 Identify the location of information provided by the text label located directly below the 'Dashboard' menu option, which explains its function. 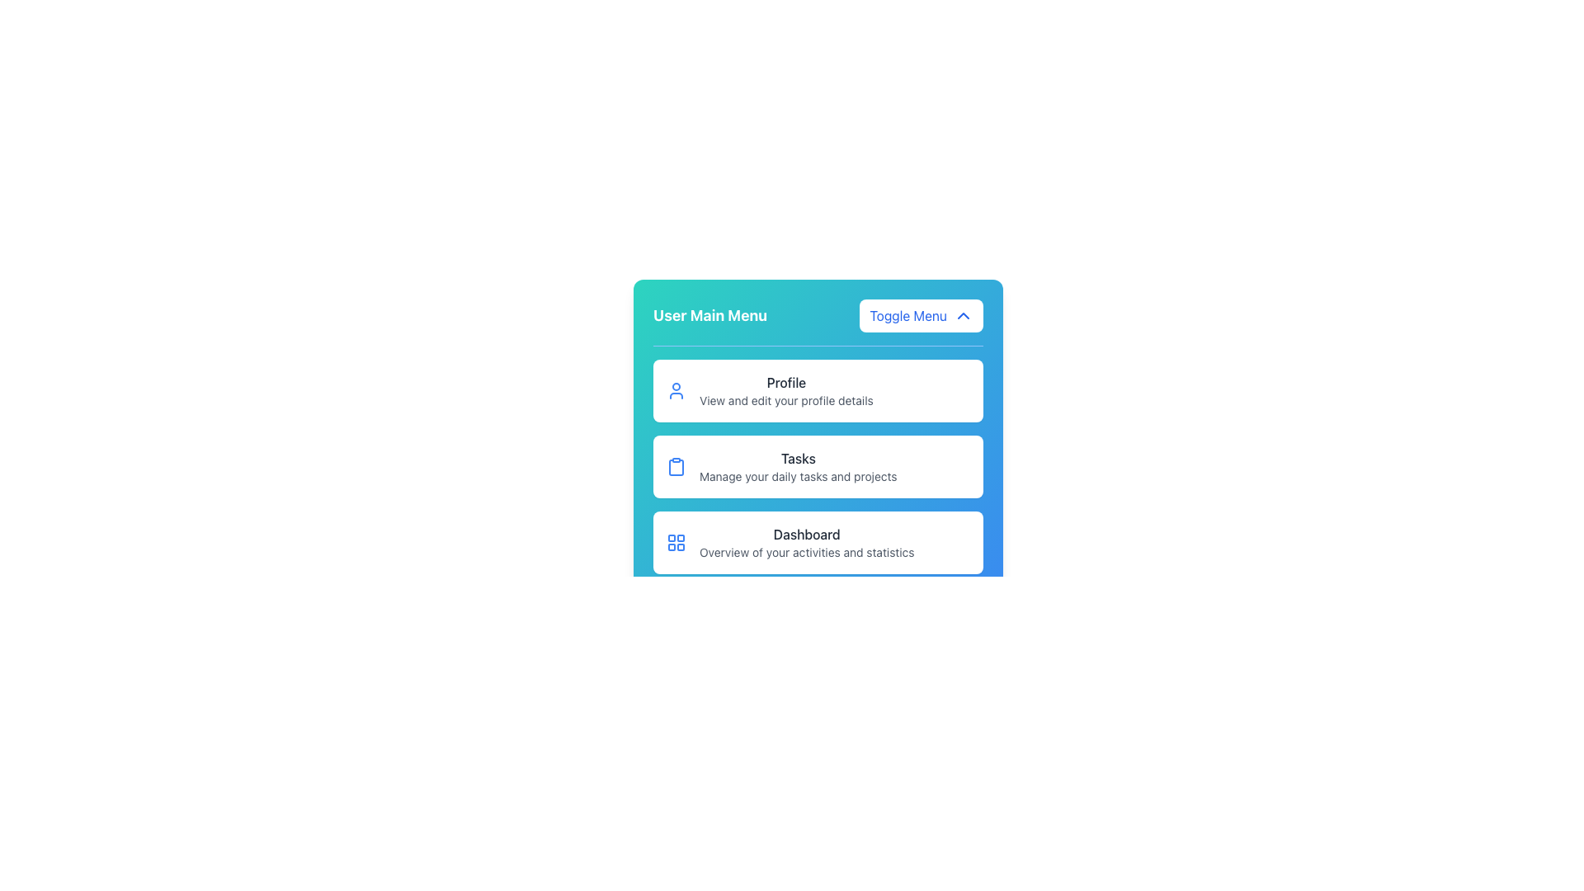
(807, 553).